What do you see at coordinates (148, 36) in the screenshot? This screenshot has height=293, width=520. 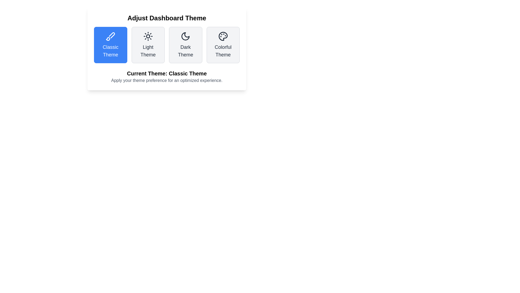 I see `the sun icon, which is a central circle with rays, styled in gray tones and located in the 'Light Theme' section of the grid layout` at bounding box center [148, 36].